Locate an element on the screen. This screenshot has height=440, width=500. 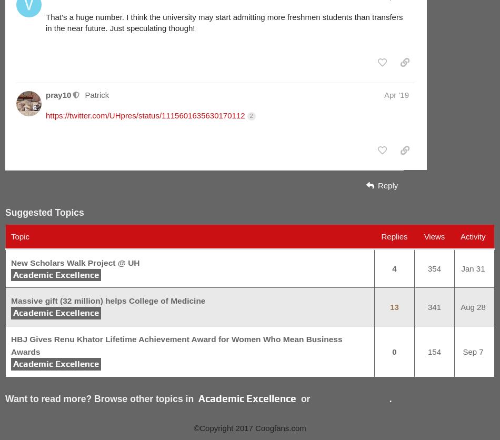
'Sep 7' is located at coordinates (472, 351).